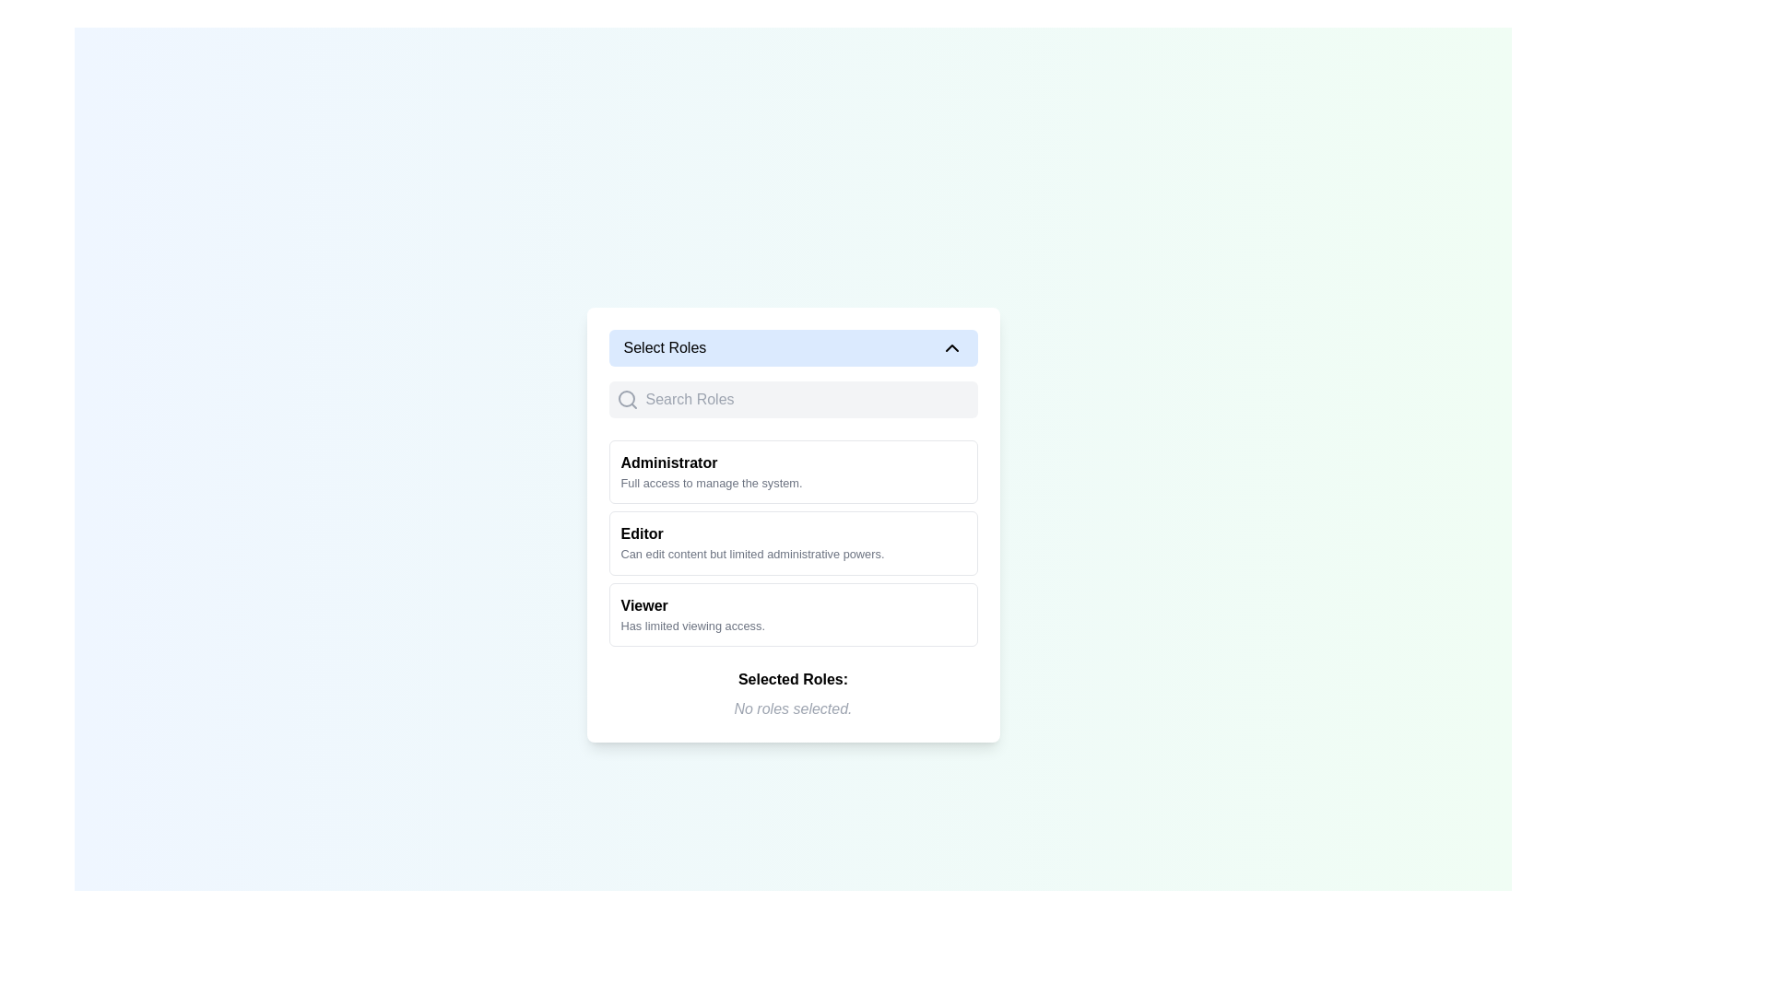 This screenshot has height=995, width=1770. I want to click on the static text label displaying 'Editor' in bold, black font, located in the second card of user role descriptions, so click(642, 534).